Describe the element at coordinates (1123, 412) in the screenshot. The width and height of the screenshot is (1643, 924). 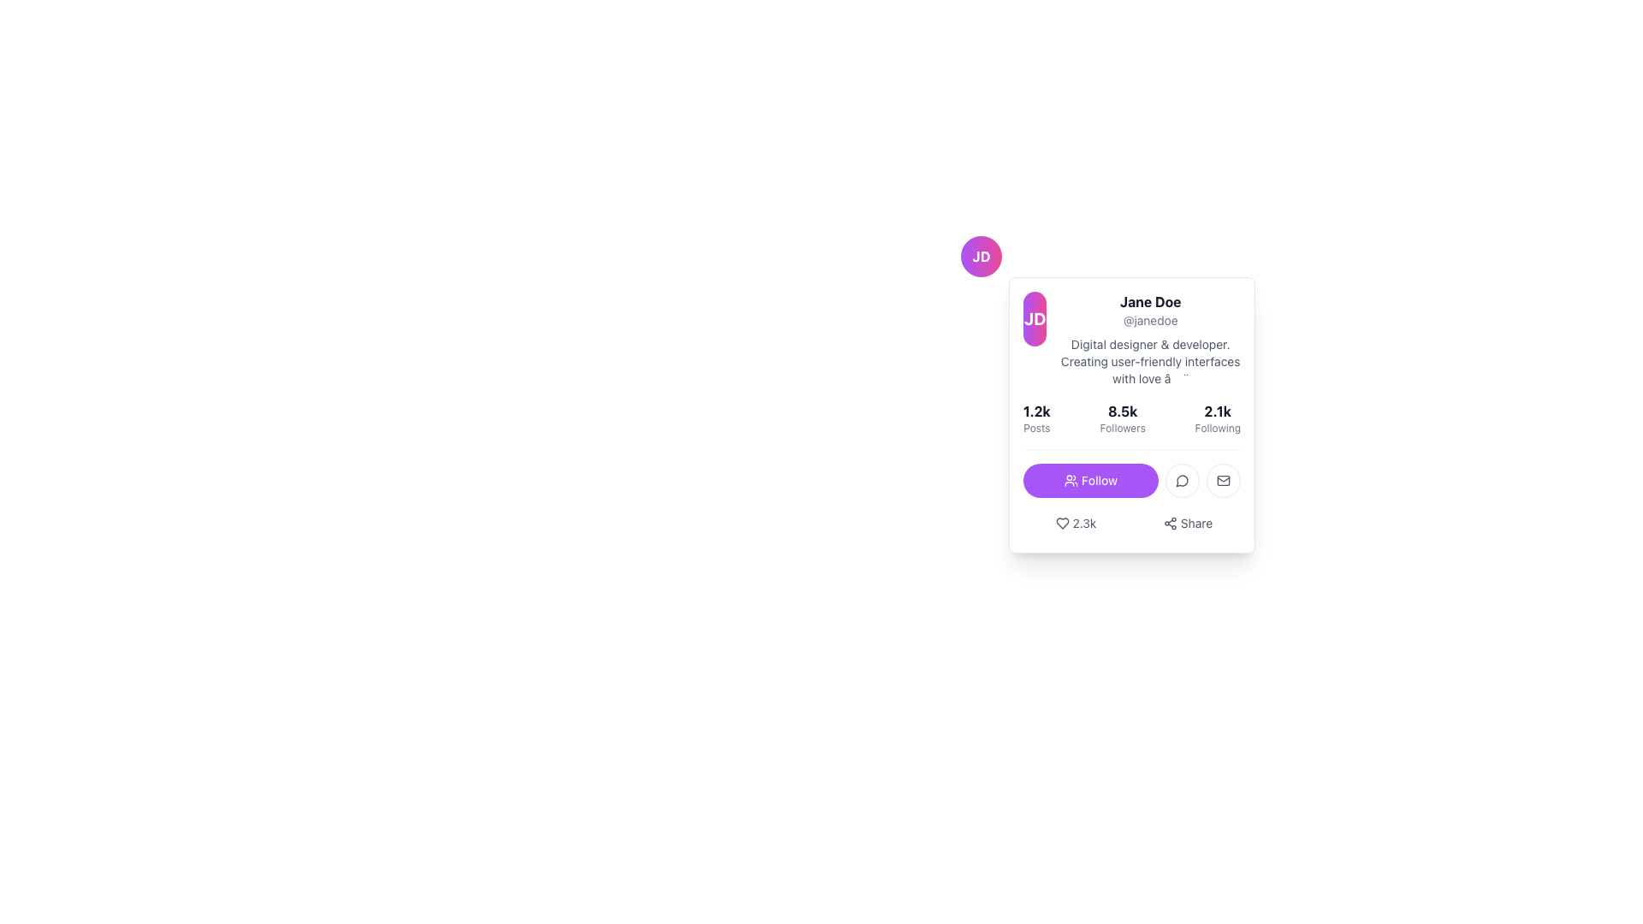
I see `the static text component displaying '8.5k', which is a bold dark gray text indicating follower count in a user profile card` at that location.